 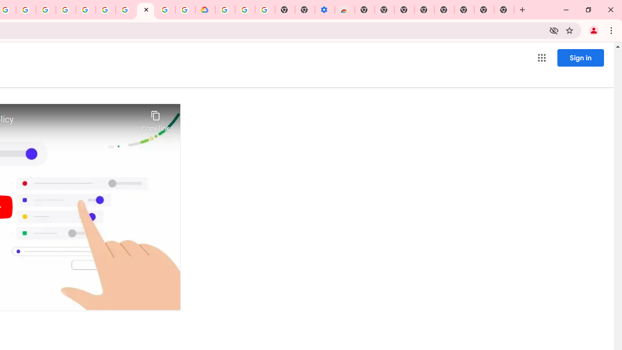 What do you see at coordinates (265, 10) in the screenshot?
I see `'Turn cookies on or off - Computer - Google Account Help'` at bounding box center [265, 10].